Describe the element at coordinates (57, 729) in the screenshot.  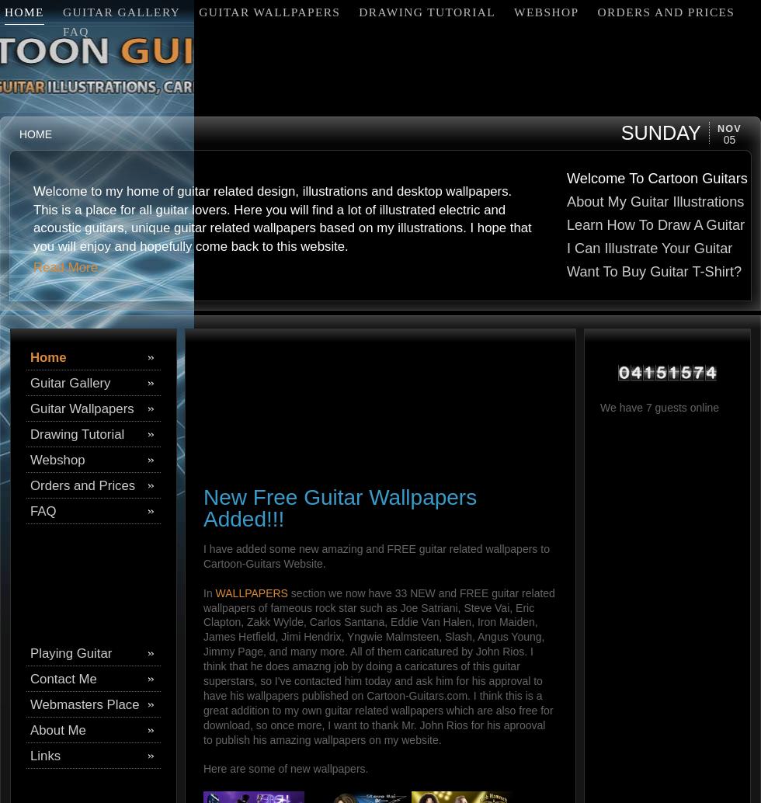
I see `'About Me'` at that location.